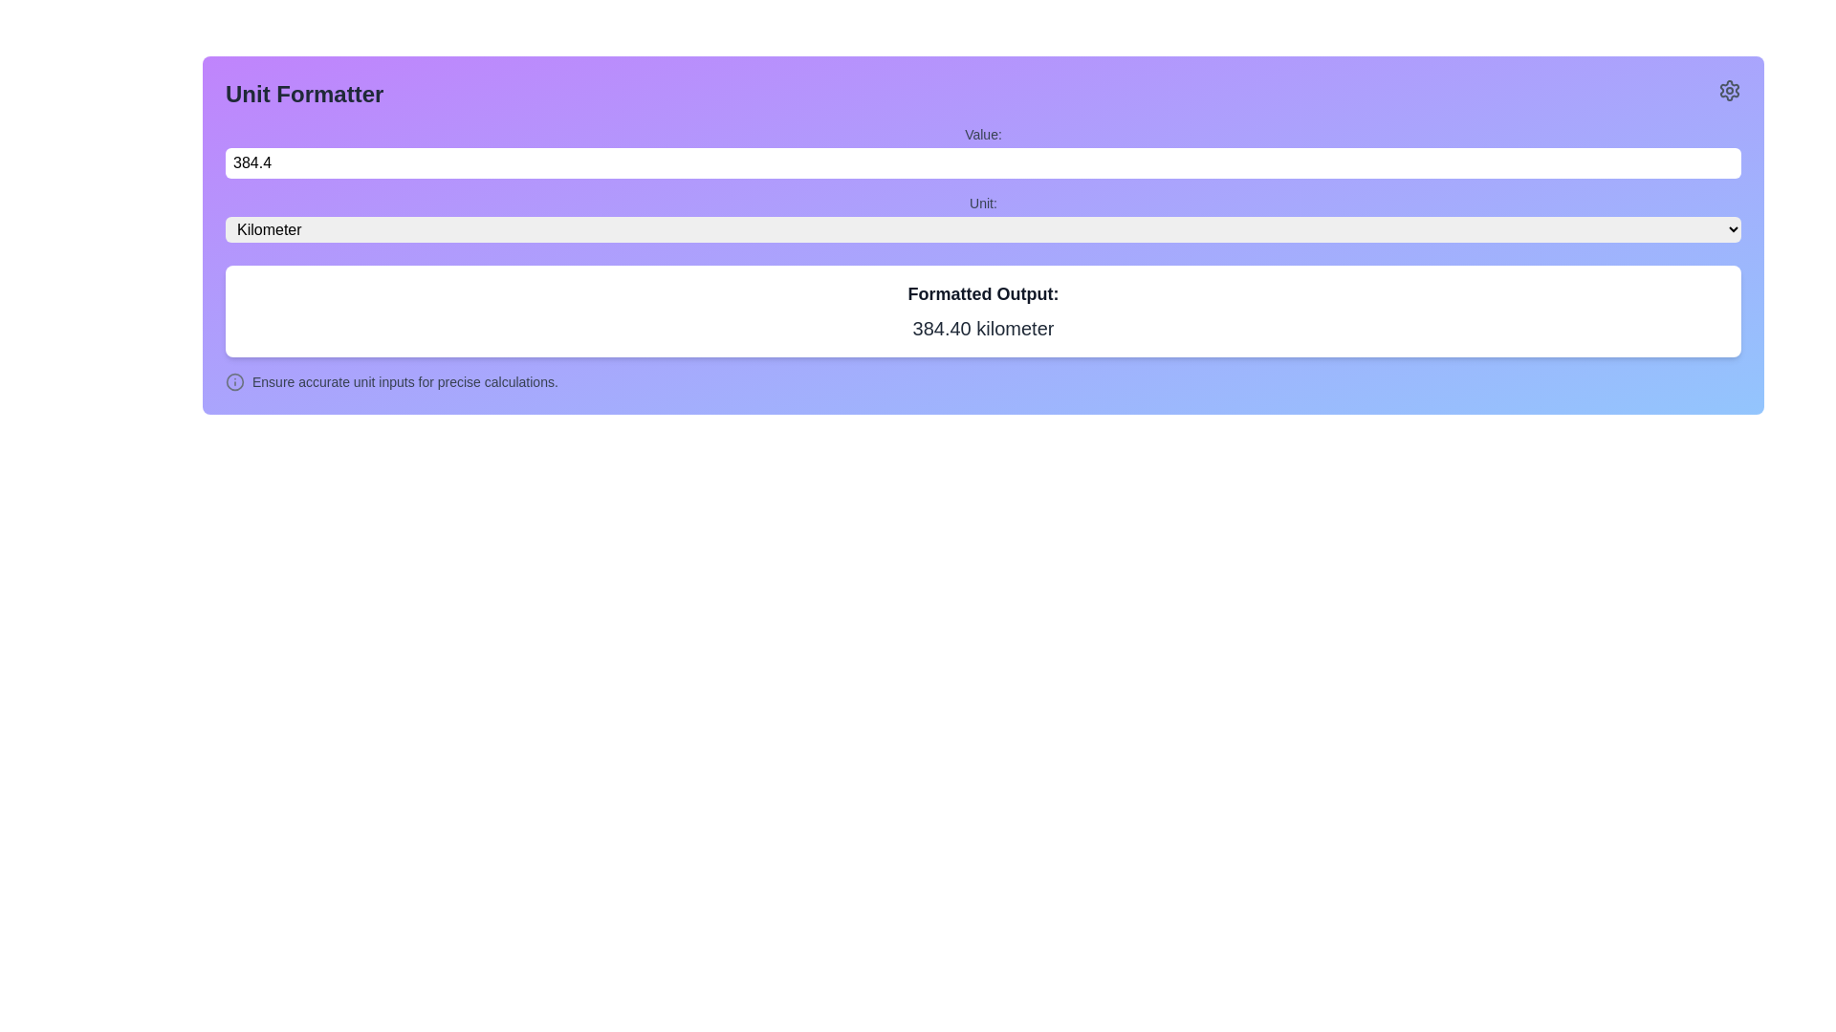 This screenshot has height=1032, width=1836. Describe the element at coordinates (983, 217) in the screenshot. I see `an option from the dropdown menu located below the 'Unit:' label and above the 'Formatted Output:' section, which is styled with a rounded border and a dropdown arrow` at that location.